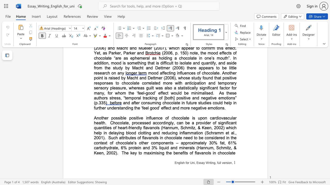  Describe the element at coordinates (99, 118) in the screenshot. I see `the subset text "other possible posi" within the text "Another possible positive influence of chocolate is upon cardiovascular health"` at that location.